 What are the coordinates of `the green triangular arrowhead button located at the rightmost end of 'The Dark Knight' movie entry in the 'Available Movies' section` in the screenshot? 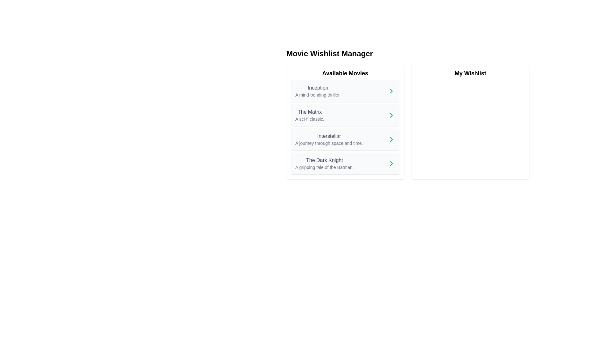 It's located at (391, 163).